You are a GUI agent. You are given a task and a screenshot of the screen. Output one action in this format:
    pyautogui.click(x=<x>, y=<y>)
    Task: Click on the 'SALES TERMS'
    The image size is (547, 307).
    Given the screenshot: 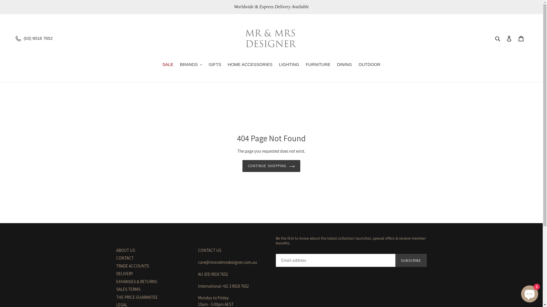 What is the action you would take?
    pyautogui.click(x=128, y=289)
    